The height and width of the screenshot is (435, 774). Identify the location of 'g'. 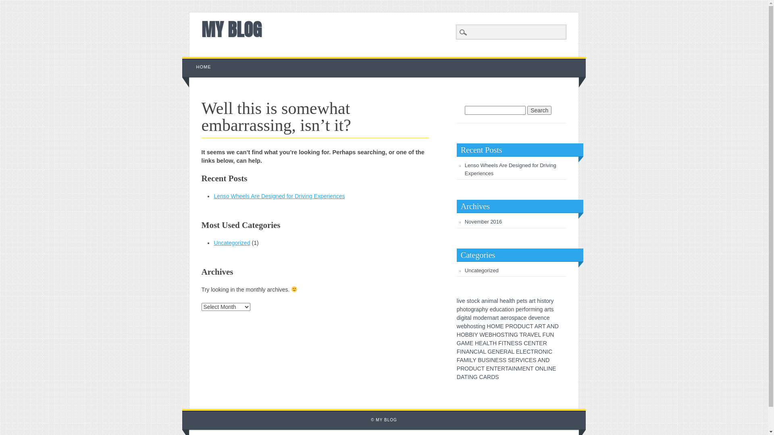
(484, 326).